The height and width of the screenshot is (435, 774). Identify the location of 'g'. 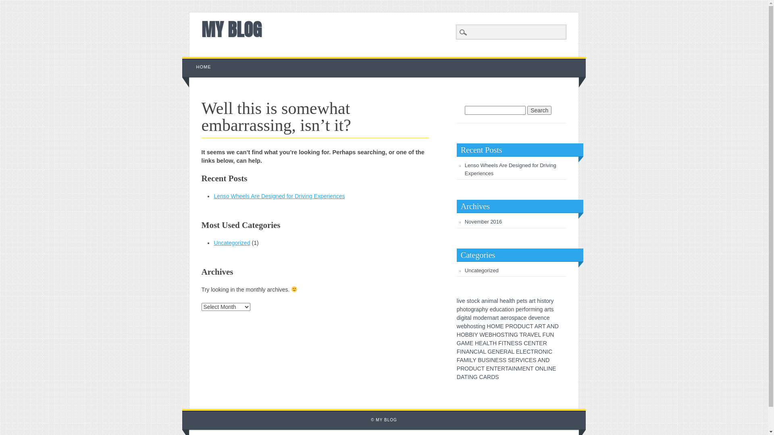
(484, 326).